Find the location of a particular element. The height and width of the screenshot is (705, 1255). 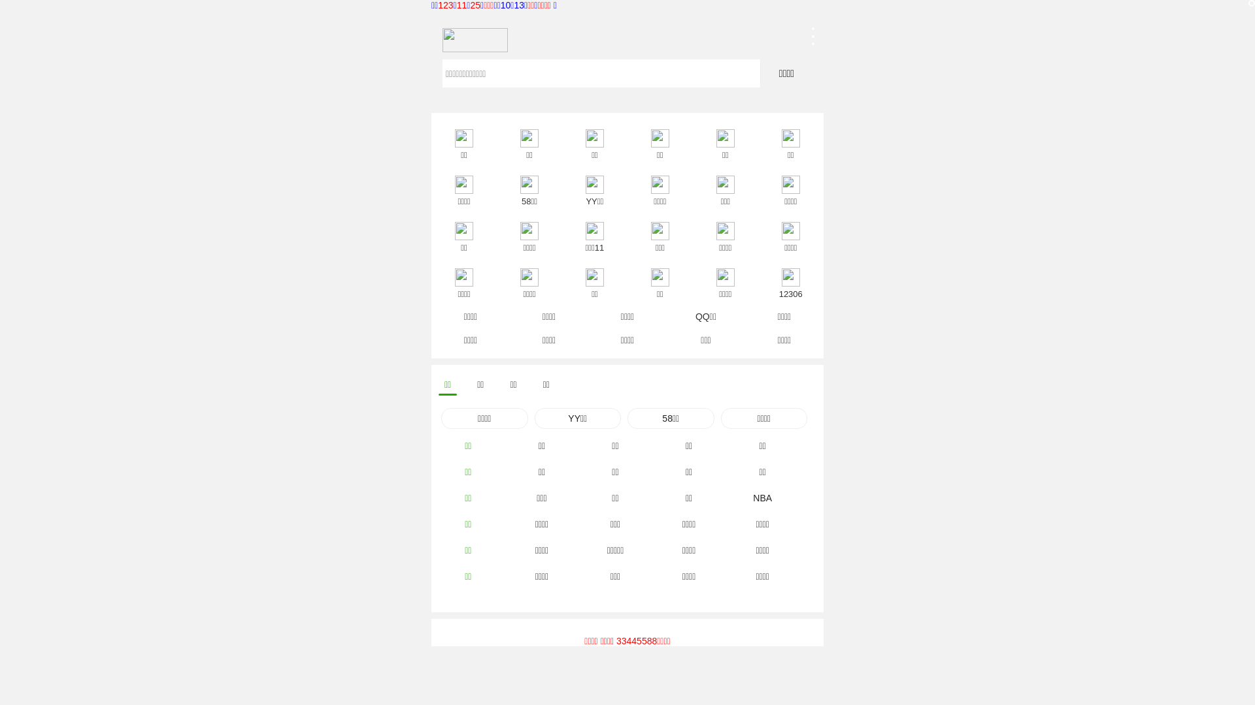

'NBA' is located at coordinates (762, 498).